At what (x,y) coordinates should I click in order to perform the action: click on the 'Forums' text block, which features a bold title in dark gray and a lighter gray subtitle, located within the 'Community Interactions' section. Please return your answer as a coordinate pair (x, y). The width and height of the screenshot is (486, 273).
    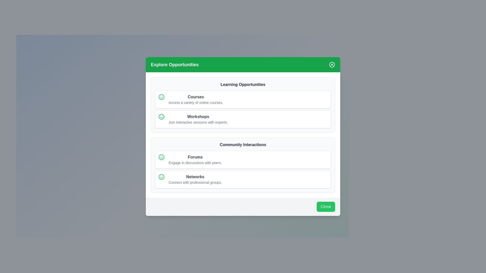
    Looking at the image, I should click on (195, 160).